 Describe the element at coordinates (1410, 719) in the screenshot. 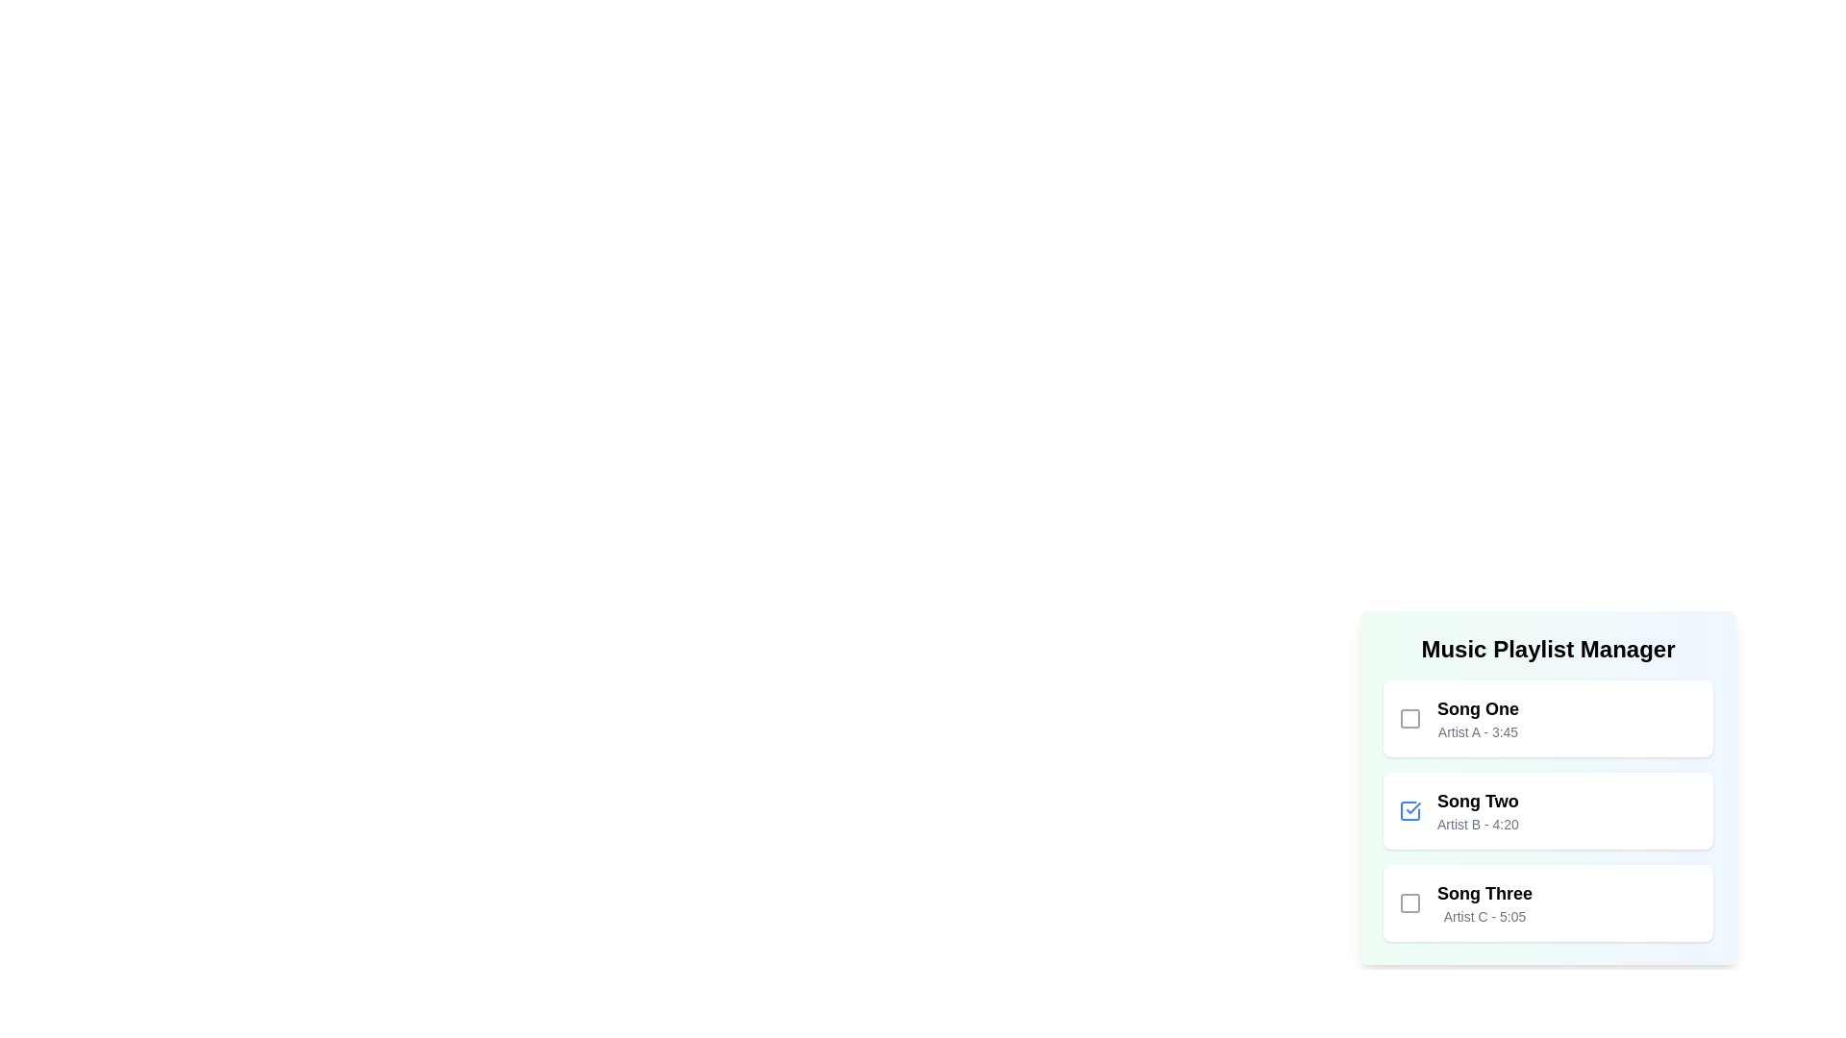

I see `the checkbox located to the far left of the 'Song One' entry` at that location.